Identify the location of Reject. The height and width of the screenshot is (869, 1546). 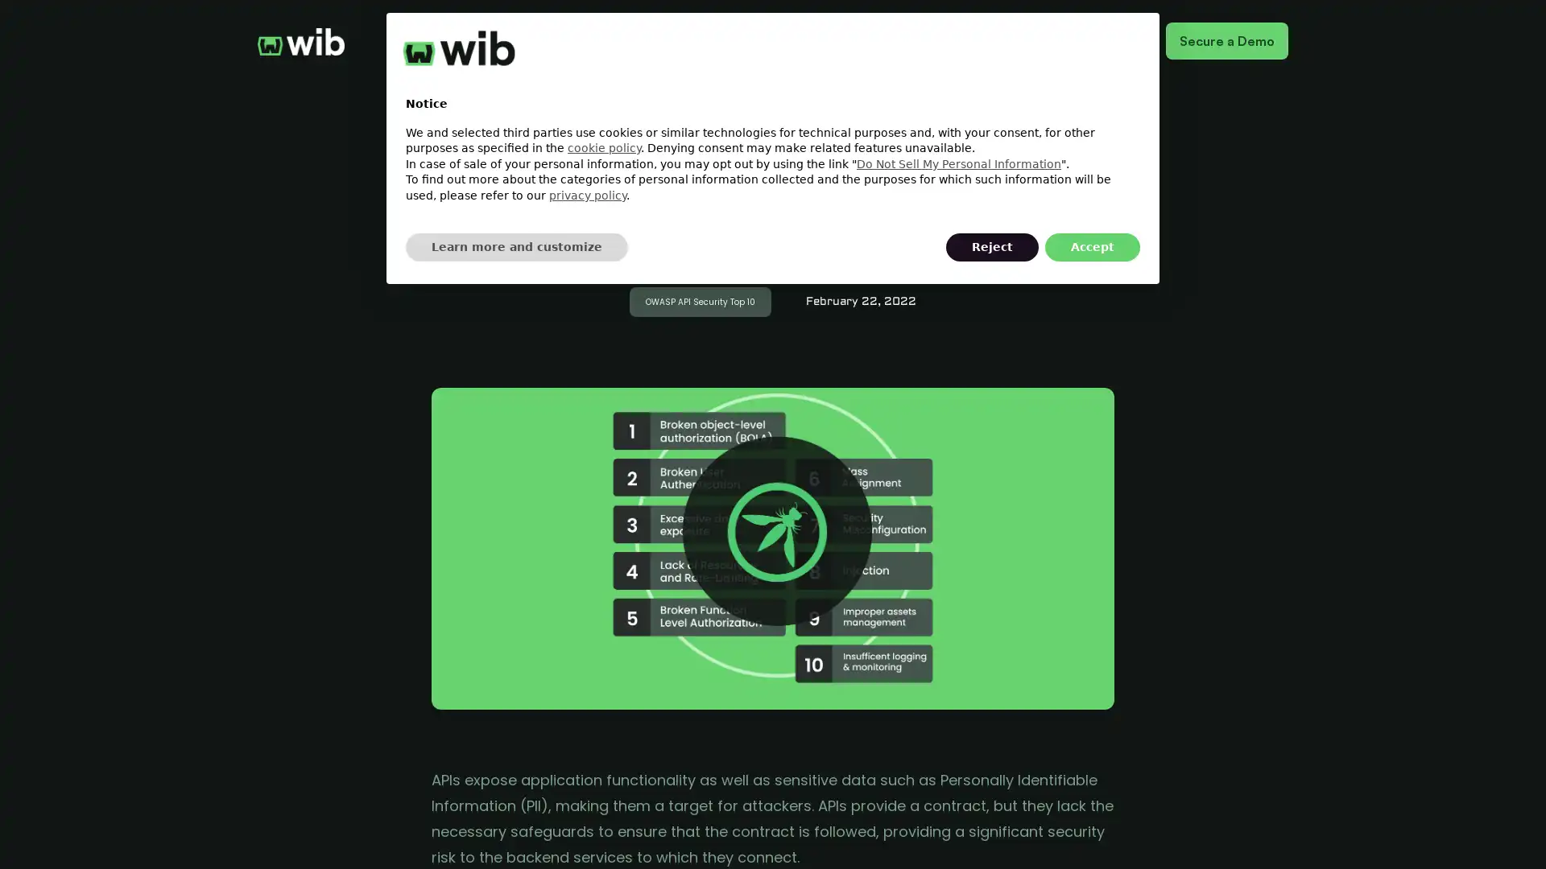
(991, 247).